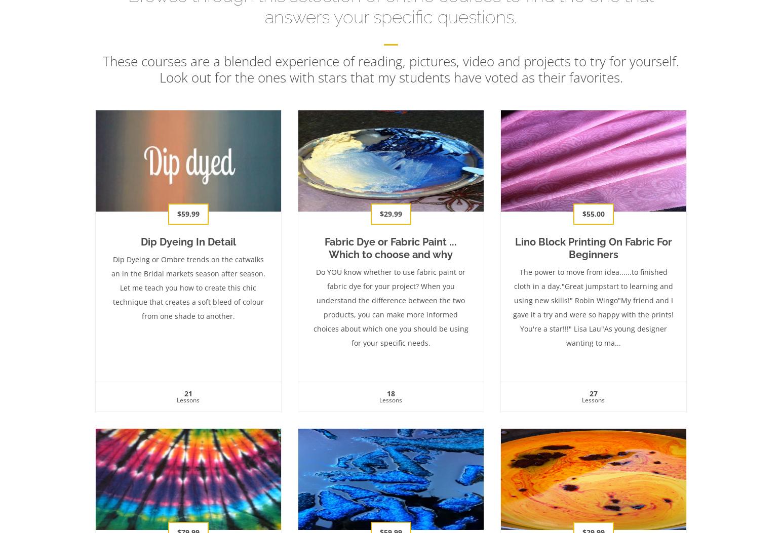 The height and width of the screenshot is (533, 782). What do you see at coordinates (390, 307) in the screenshot?
I see `'Do YOU know whether to use fabric paint or fabric dye for your project? When you understand the difference between the two products, you can make more informed choices about which one you should be using for your specific needs.'` at bounding box center [390, 307].